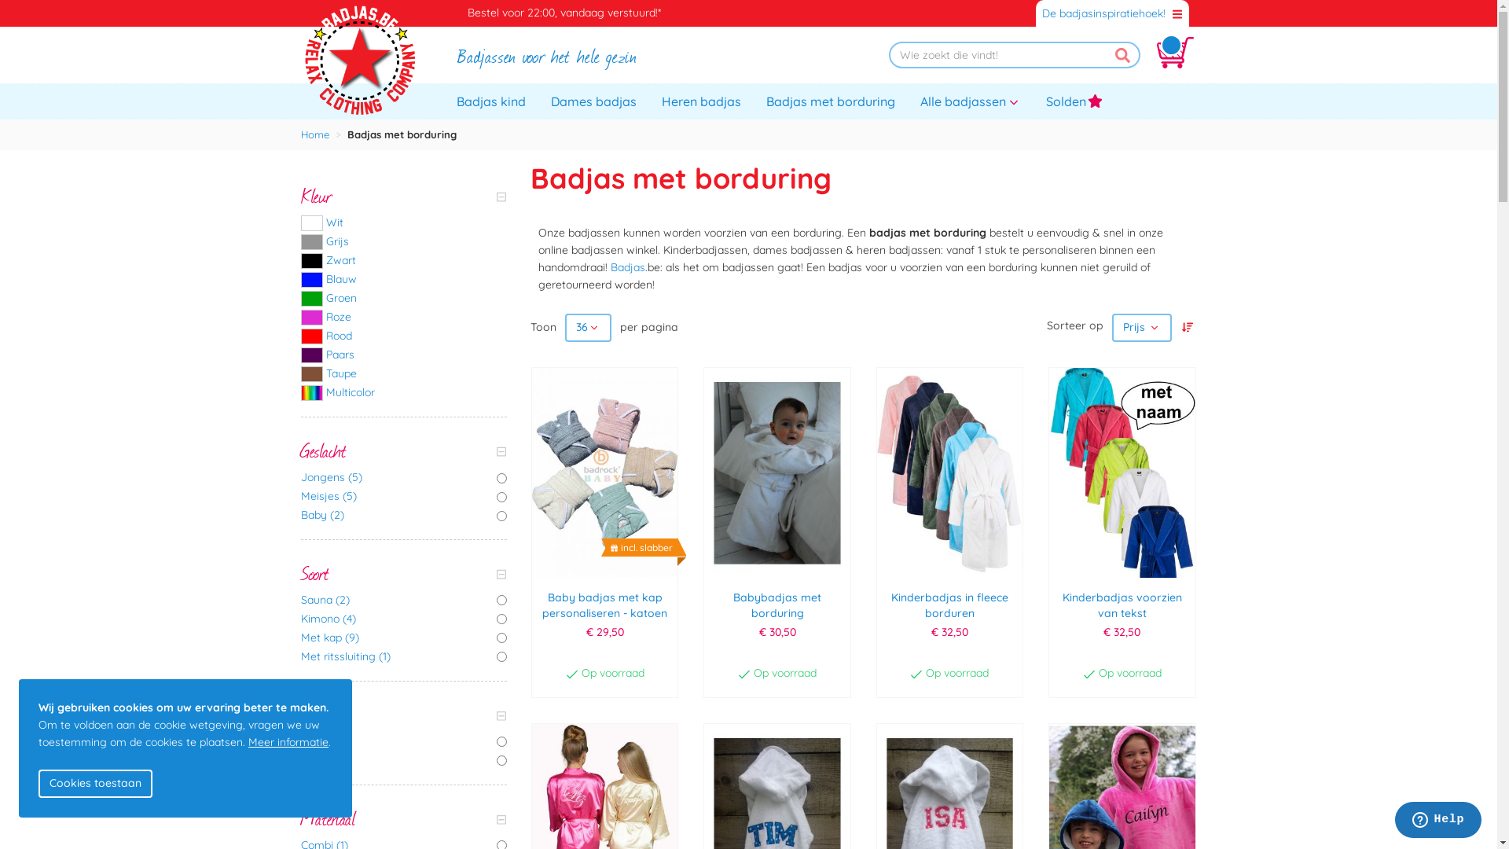 The height and width of the screenshot is (849, 1509). What do you see at coordinates (403, 497) in the screenshot?
I see `'Meisjes` at bounding box center [403, 497].